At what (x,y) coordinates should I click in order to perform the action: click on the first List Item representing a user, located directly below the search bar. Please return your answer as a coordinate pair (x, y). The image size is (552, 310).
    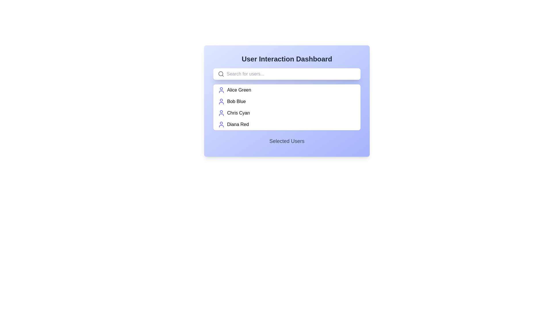
    Looking at the image, I should click on (287, 90).